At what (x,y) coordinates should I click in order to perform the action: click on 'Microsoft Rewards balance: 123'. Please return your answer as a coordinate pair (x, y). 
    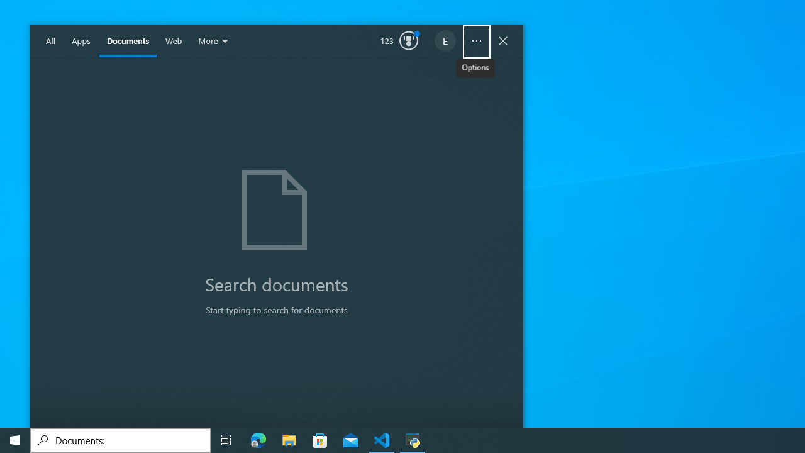
    Looking at the image, I should click on (399, 41).